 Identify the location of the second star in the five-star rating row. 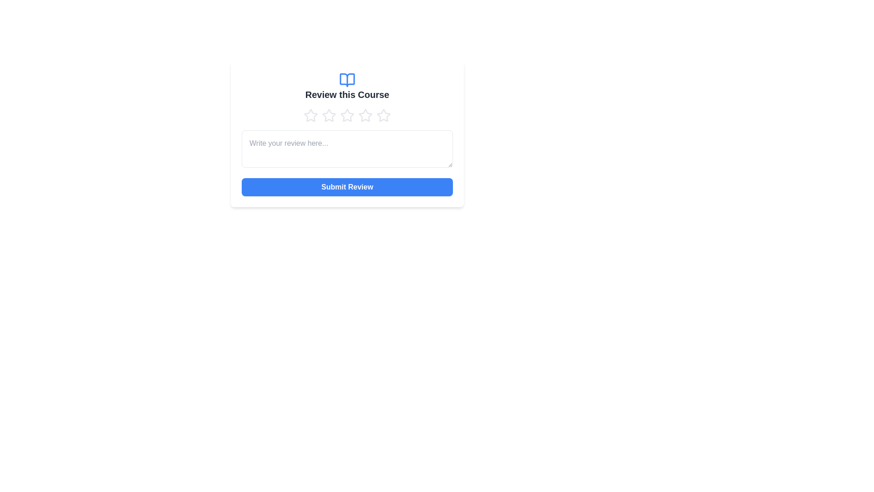
(328, 115).